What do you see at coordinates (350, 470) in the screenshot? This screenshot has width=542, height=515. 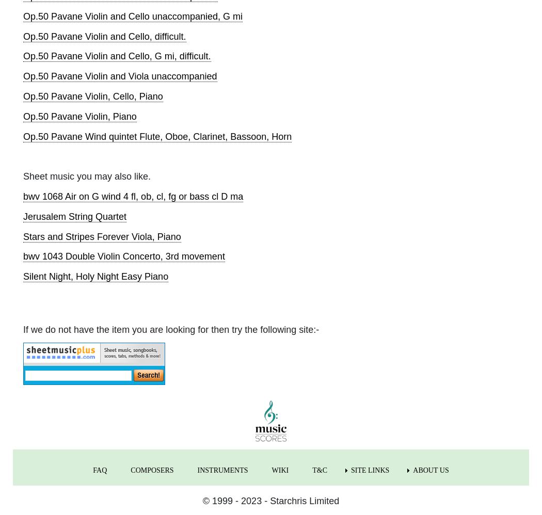 I see `'SITE LINKS'` at bounding box center [350, 470].